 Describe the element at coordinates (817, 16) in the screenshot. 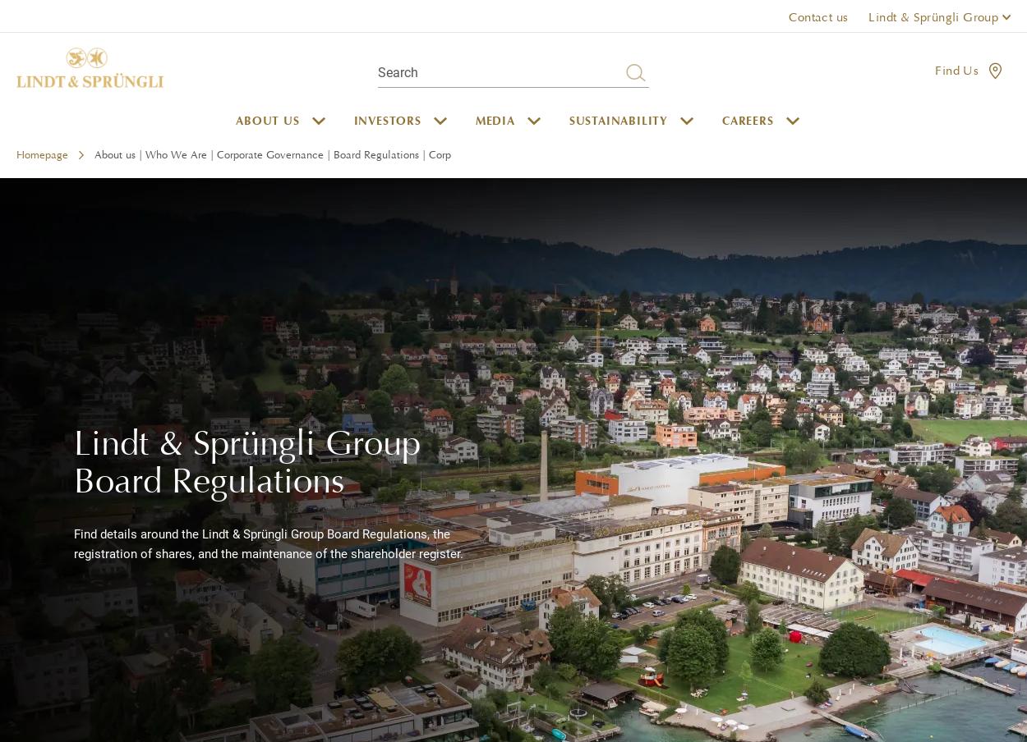

I see `'Contact us'` at that location.